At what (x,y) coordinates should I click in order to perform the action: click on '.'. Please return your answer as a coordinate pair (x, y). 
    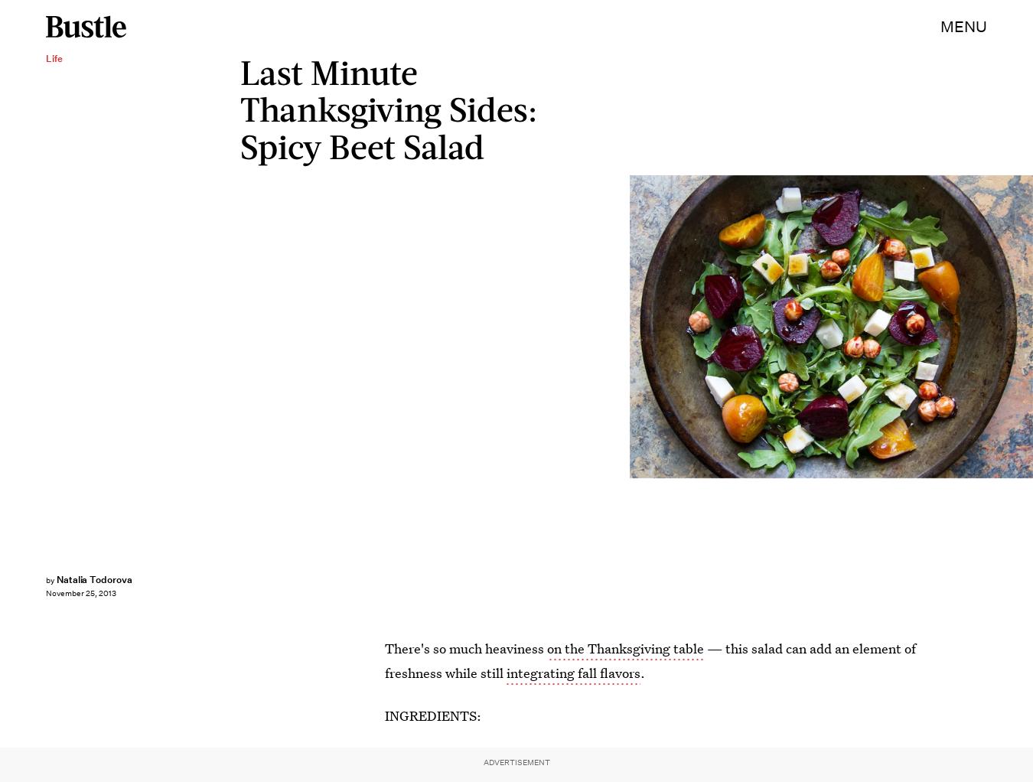
    Looking at the image, I should click on (642, 672).